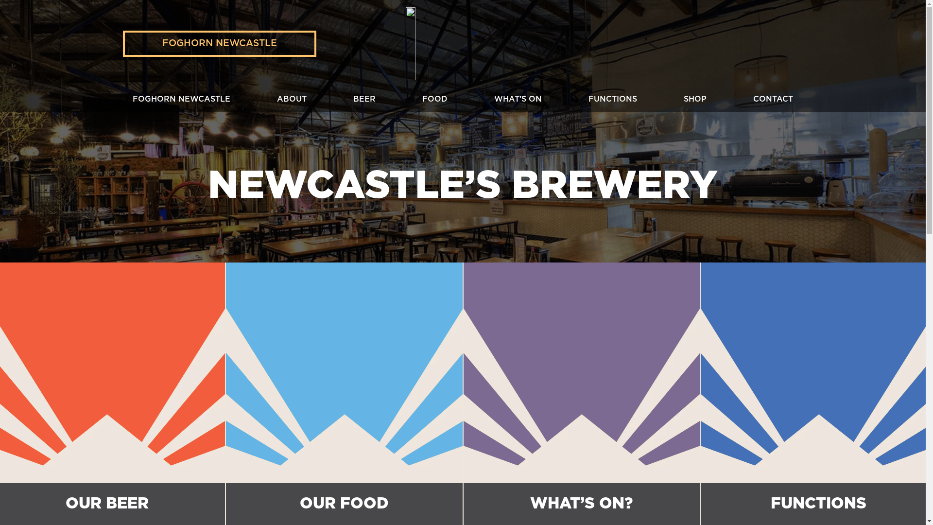 This screenshot has height=525, width=933. I want to click on 'SHOP', so click(694, 99).